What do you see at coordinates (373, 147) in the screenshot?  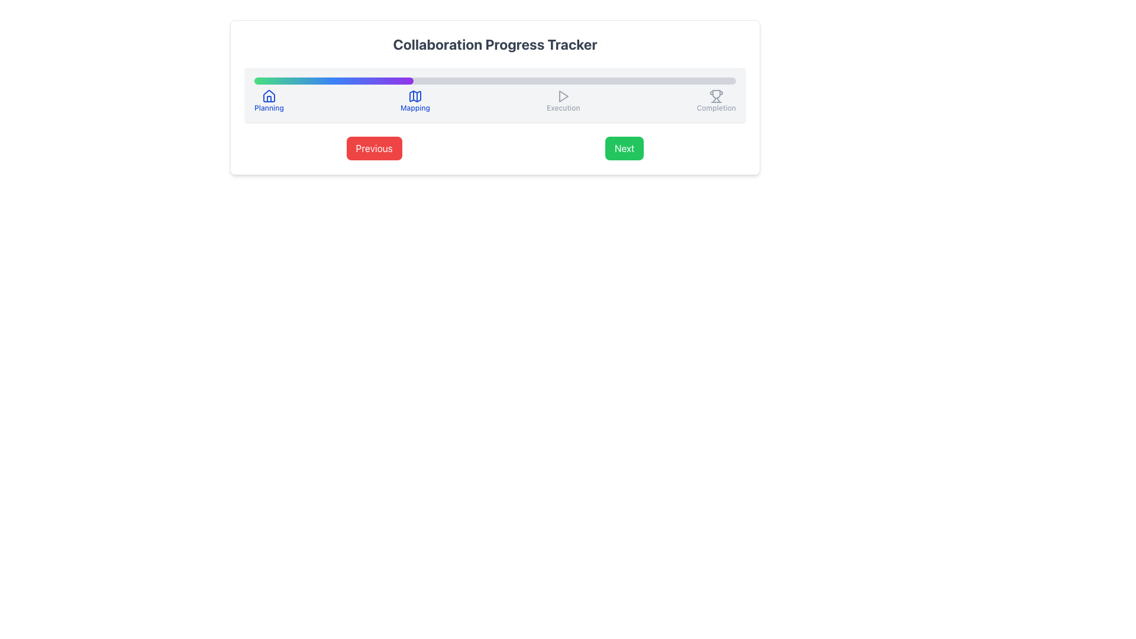 I see `the red 'Previous' button, which is the left button in a pair below the 'Collaboration Progress Tracker'` at bounding box center [373, 147].